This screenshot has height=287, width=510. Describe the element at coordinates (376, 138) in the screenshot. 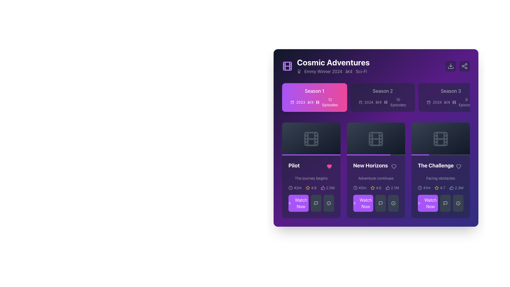

I see `the central rectangular component of the film strip icon in the 'New Horizons' card of the 'Cosmic Adventures' interface` at that location.